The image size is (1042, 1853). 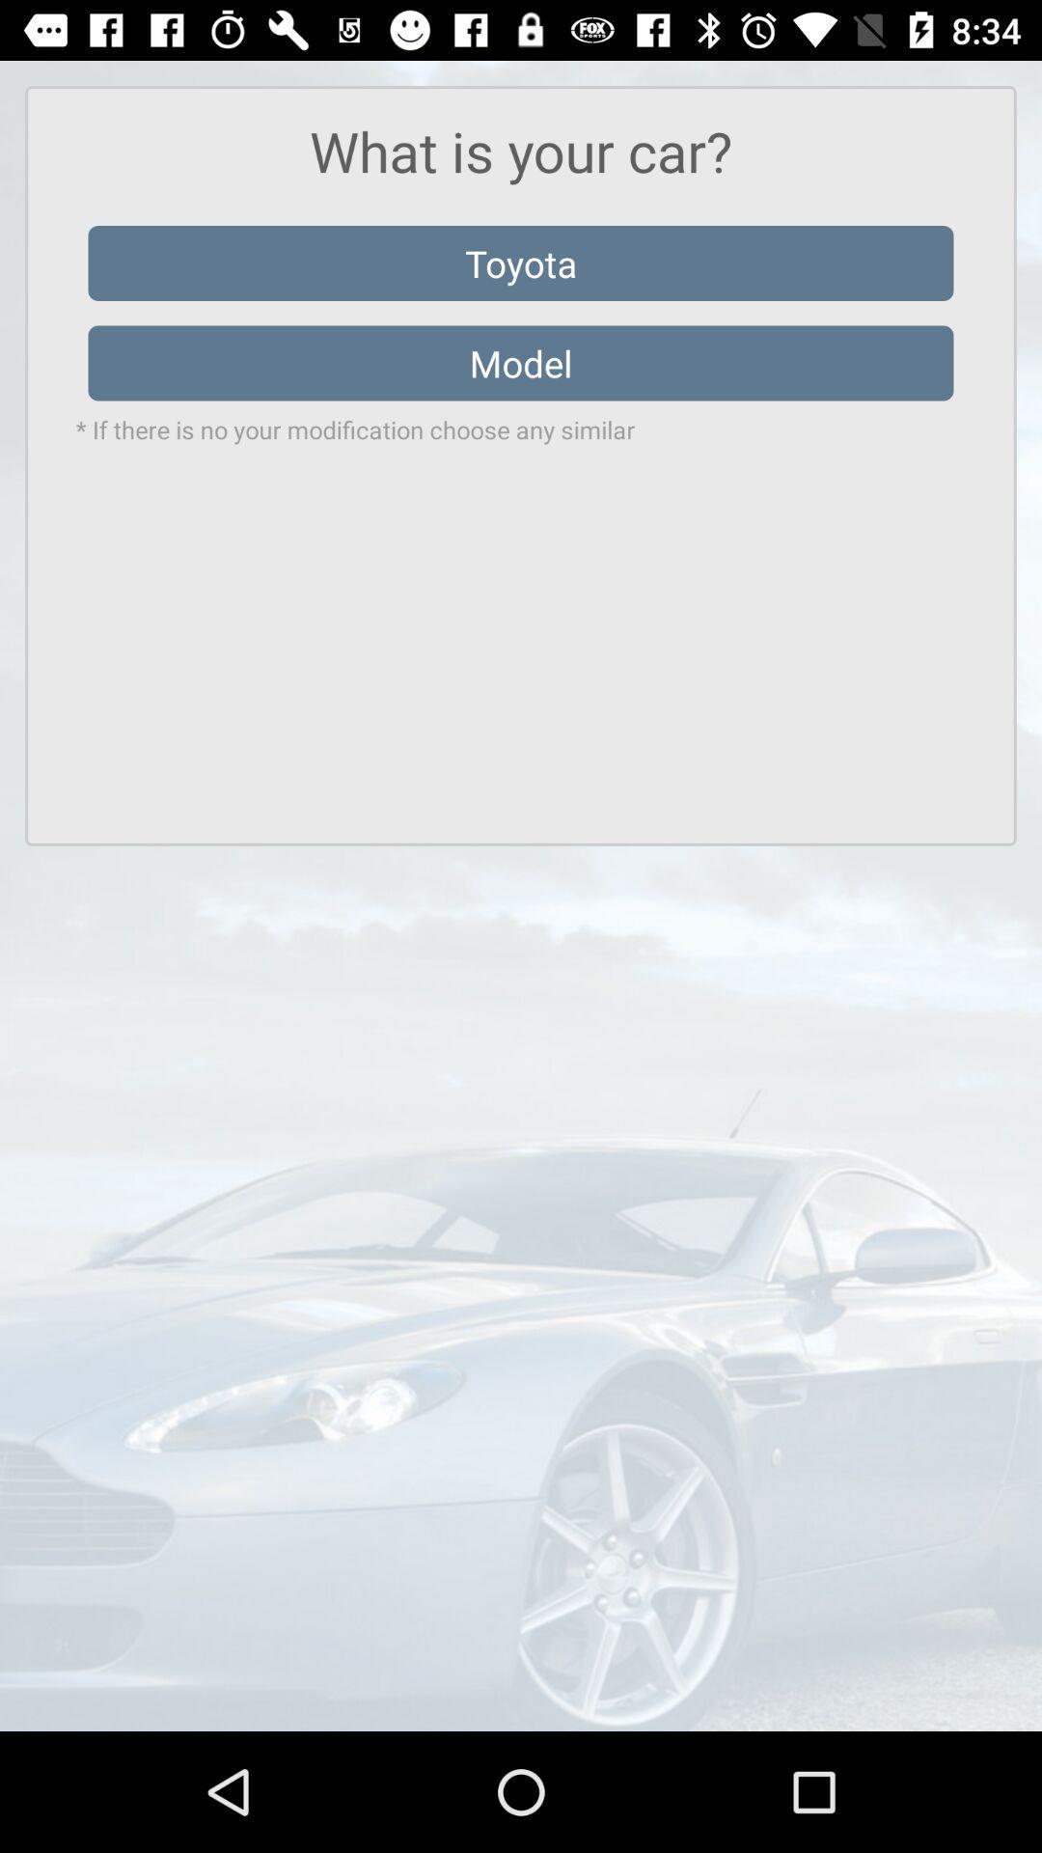 What do you see at coordinates (521, 263) in the screenshot?
I see `the item below what is your item` at bounding box center [521, 263].